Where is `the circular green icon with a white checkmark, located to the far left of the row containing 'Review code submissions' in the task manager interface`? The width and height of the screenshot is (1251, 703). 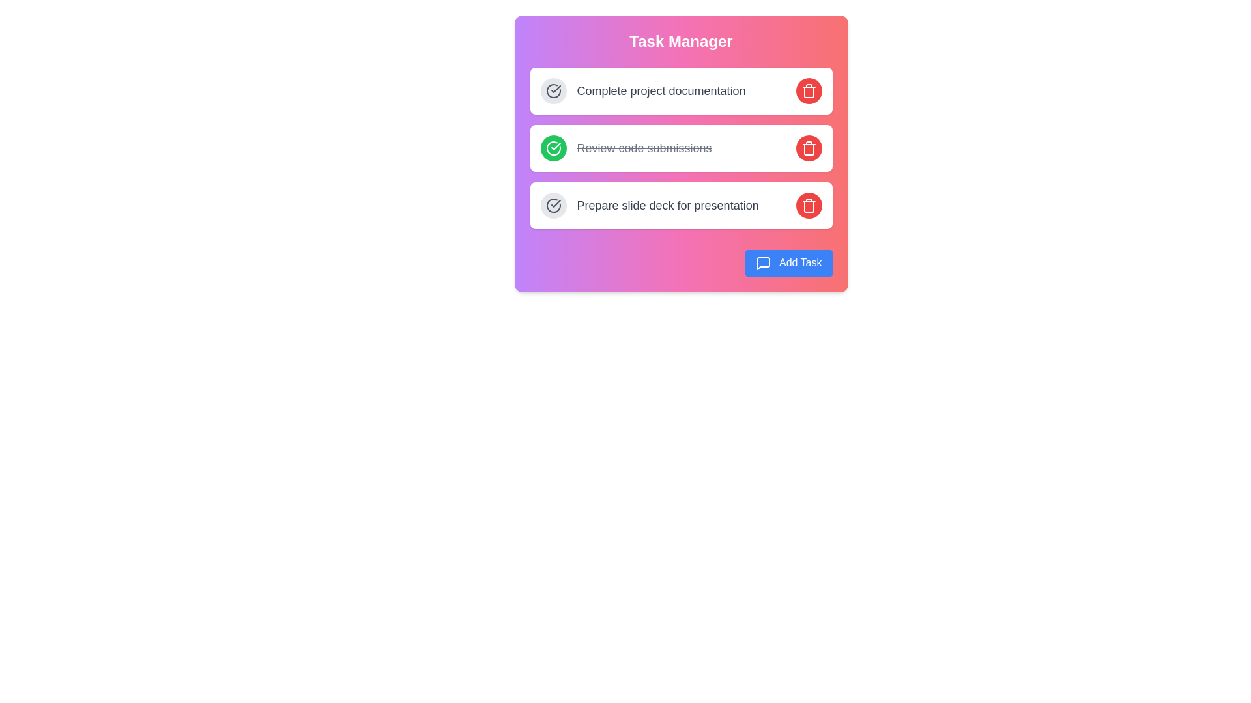 the circular green icon with a white checkmark, located to the far left of the row containing 'Review code submissions' in the task manager interface is located at coordinates (553, 147).